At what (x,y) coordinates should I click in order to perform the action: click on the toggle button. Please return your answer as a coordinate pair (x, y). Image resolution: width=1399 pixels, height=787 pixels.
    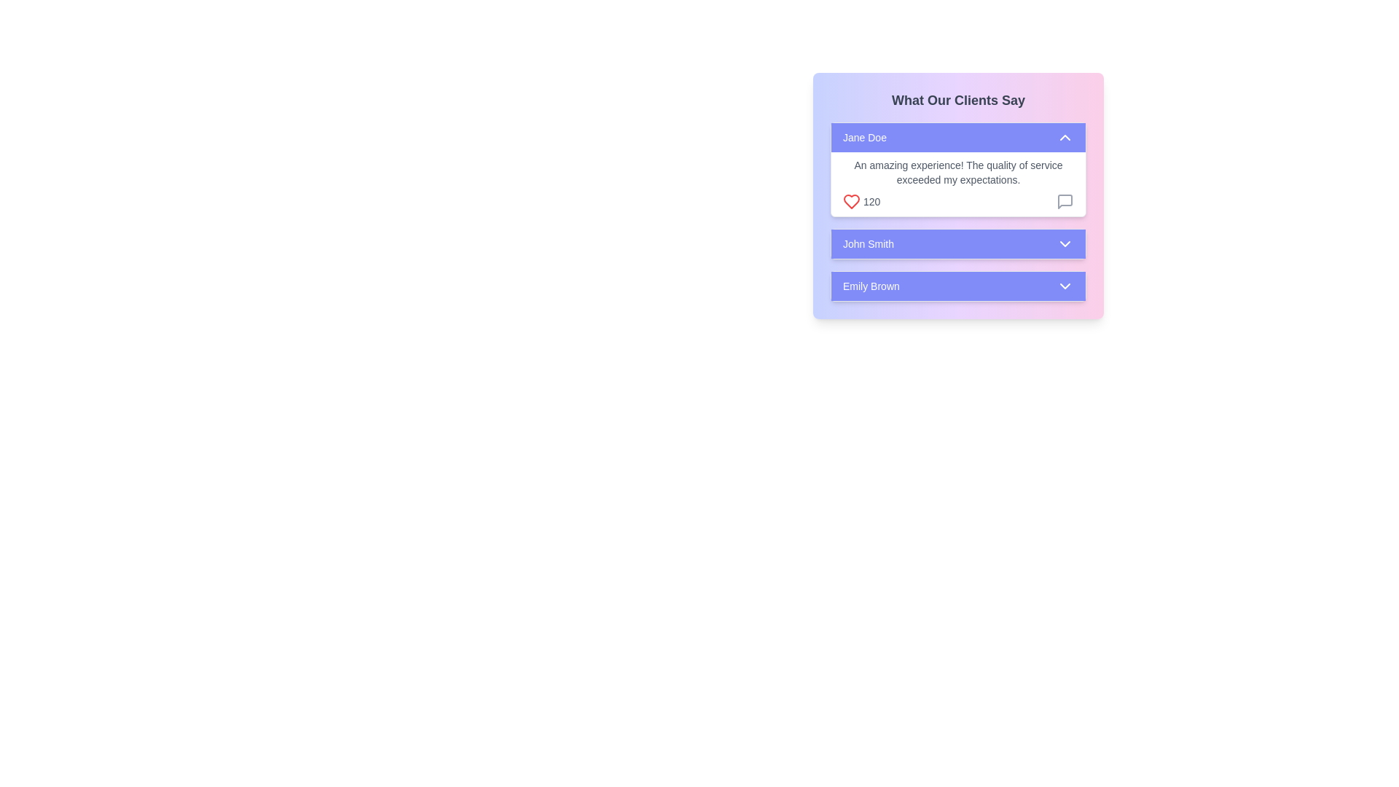
    Looking at the image, I should click on (958, 286).